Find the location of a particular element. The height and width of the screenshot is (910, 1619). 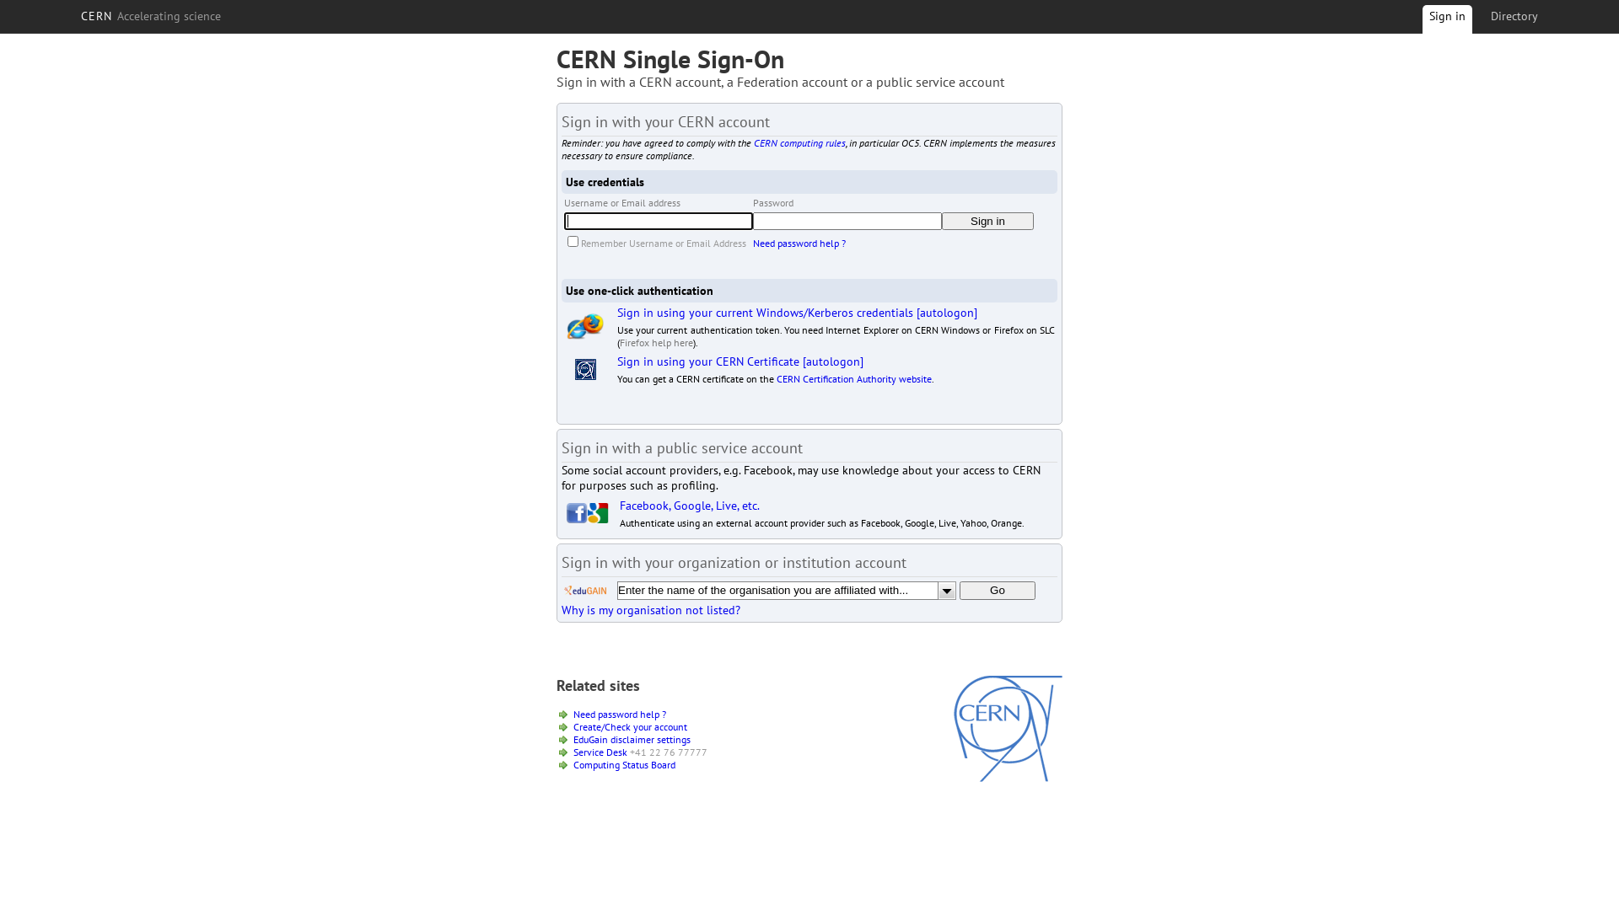

'[autologon]' is located at coordinates (833, 360).